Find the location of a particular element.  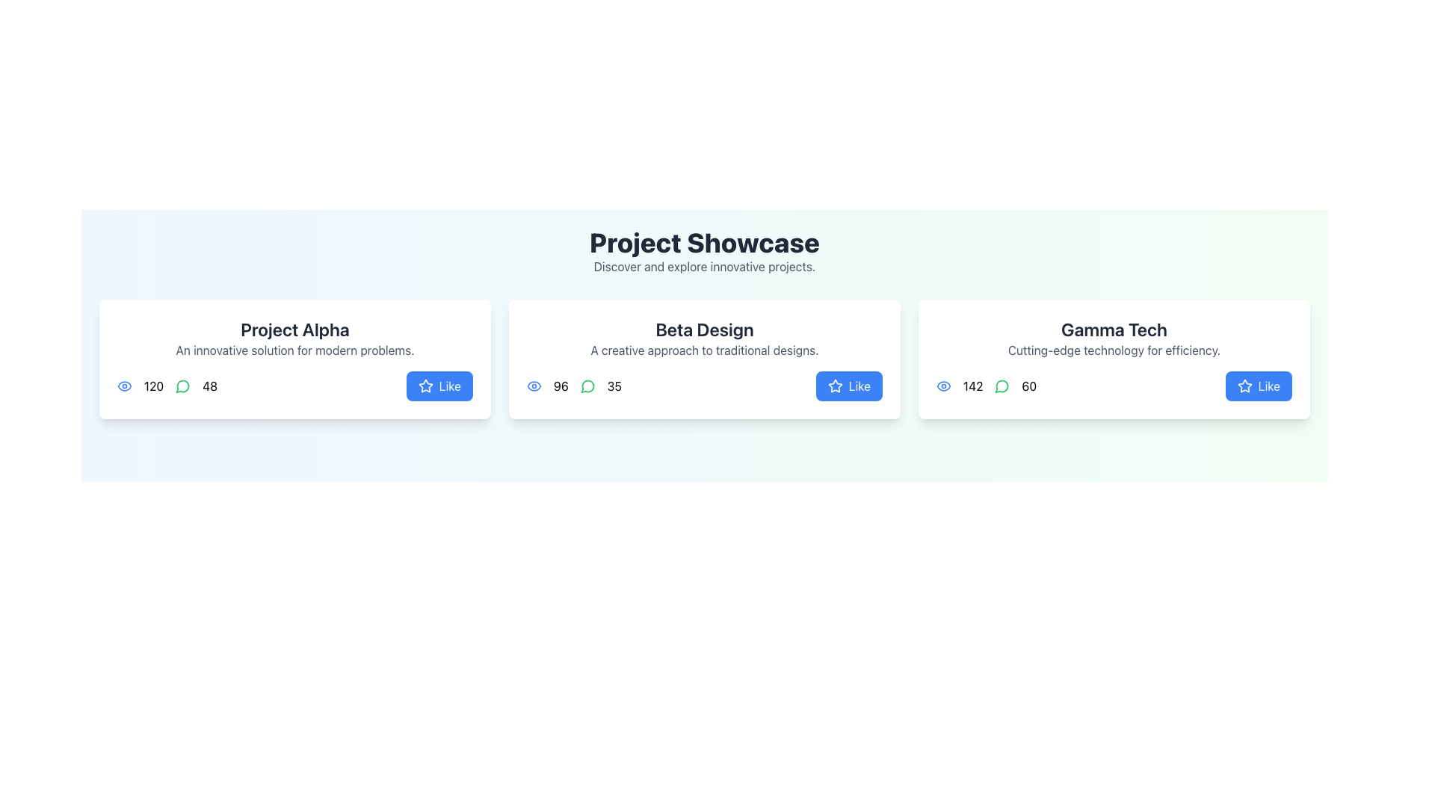

the 'Like' button with a blue background and a white star-shaped icon in the 'Gamma Tech' section is located at coordinates (1258, 385).